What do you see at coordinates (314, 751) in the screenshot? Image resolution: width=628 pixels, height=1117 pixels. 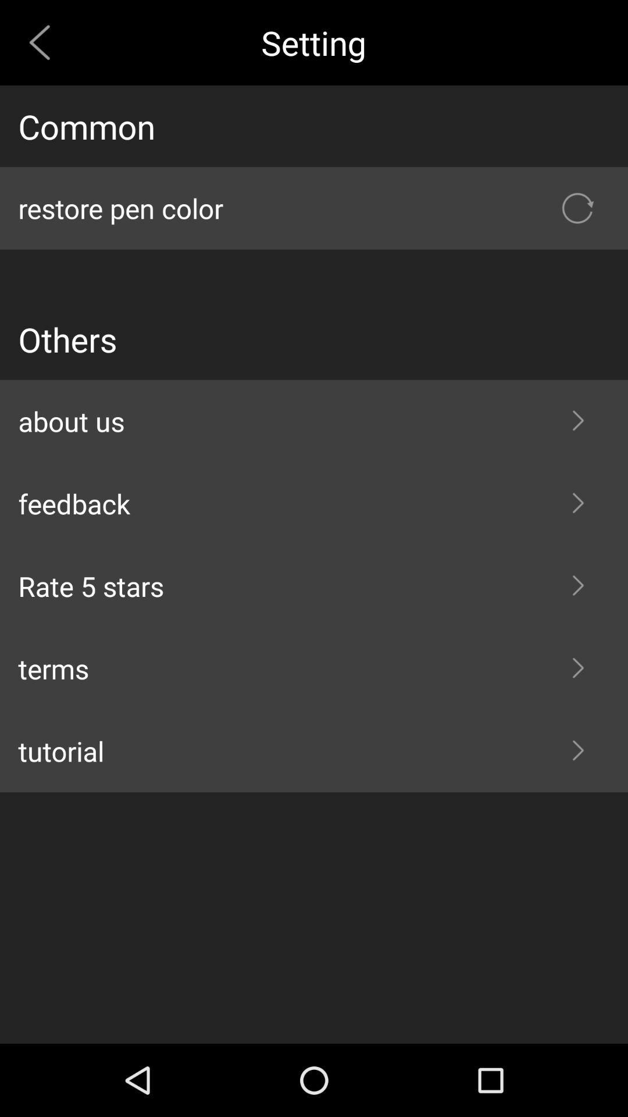 I see `item below terms icon` at bounding box center [314, 751].